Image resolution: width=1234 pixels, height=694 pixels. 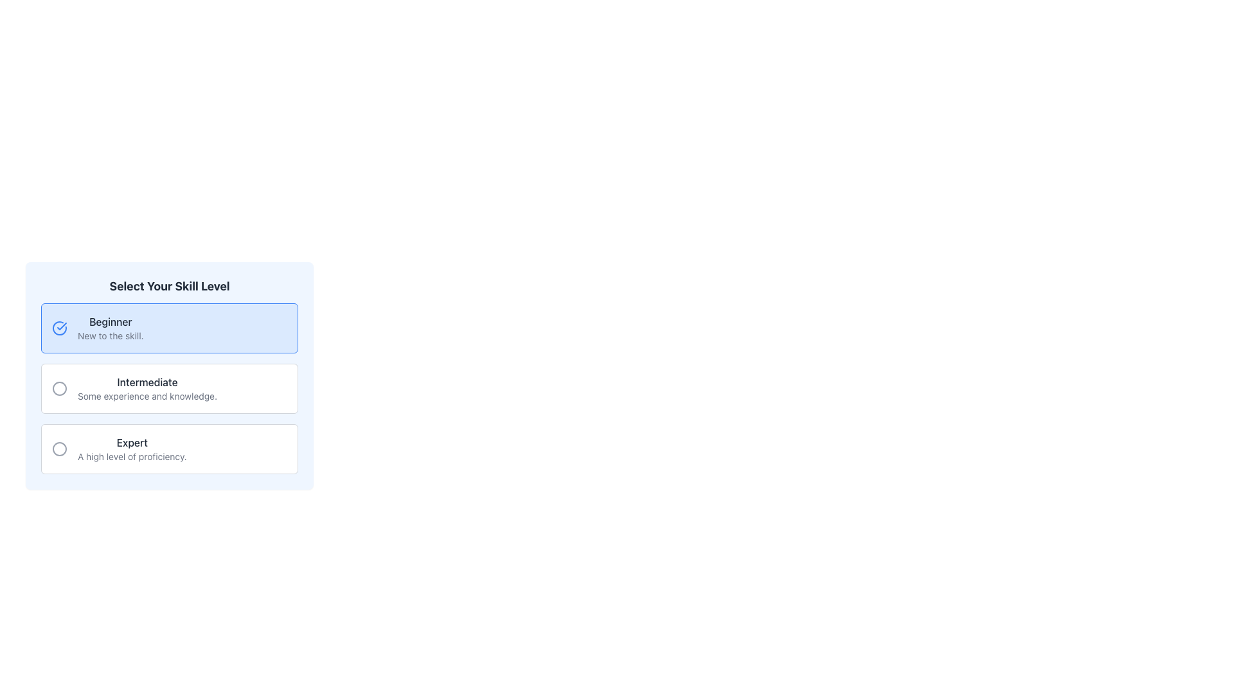 What do you see at coordinates (111, 335) in the screenshot?
I see `the supplementary description text label located below the 'Beginner' option in the skill level selection component` at bounding box center [111, 335].